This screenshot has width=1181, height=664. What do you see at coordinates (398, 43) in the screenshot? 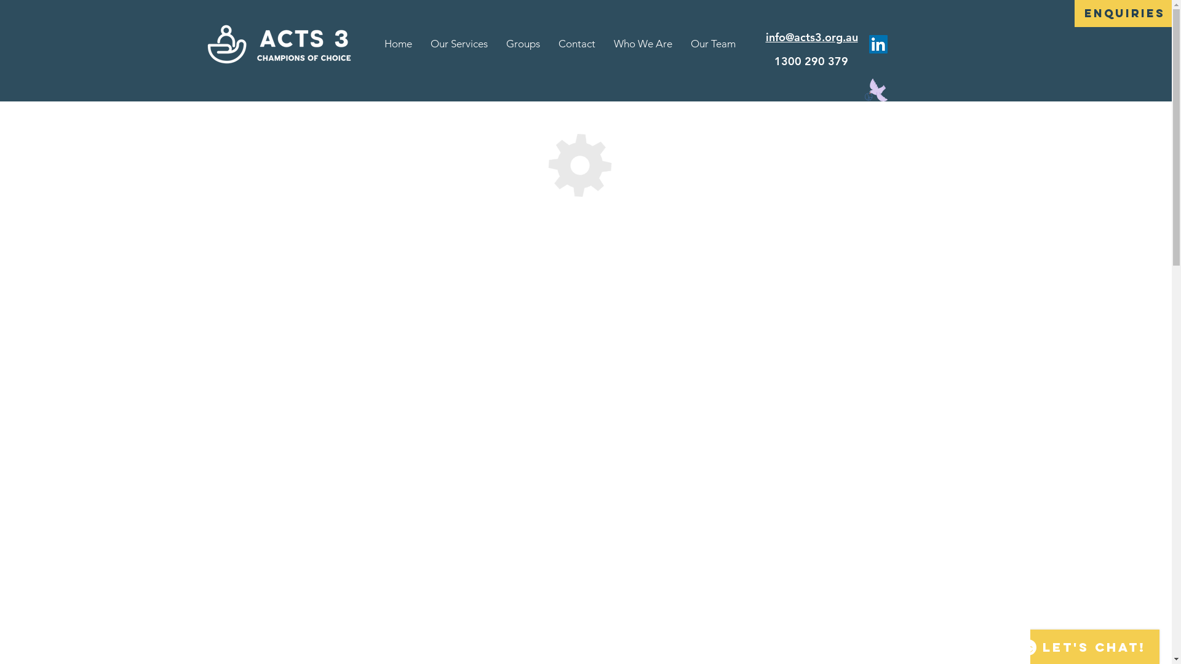
I see `'Home'` at bounding box center [398, 43].